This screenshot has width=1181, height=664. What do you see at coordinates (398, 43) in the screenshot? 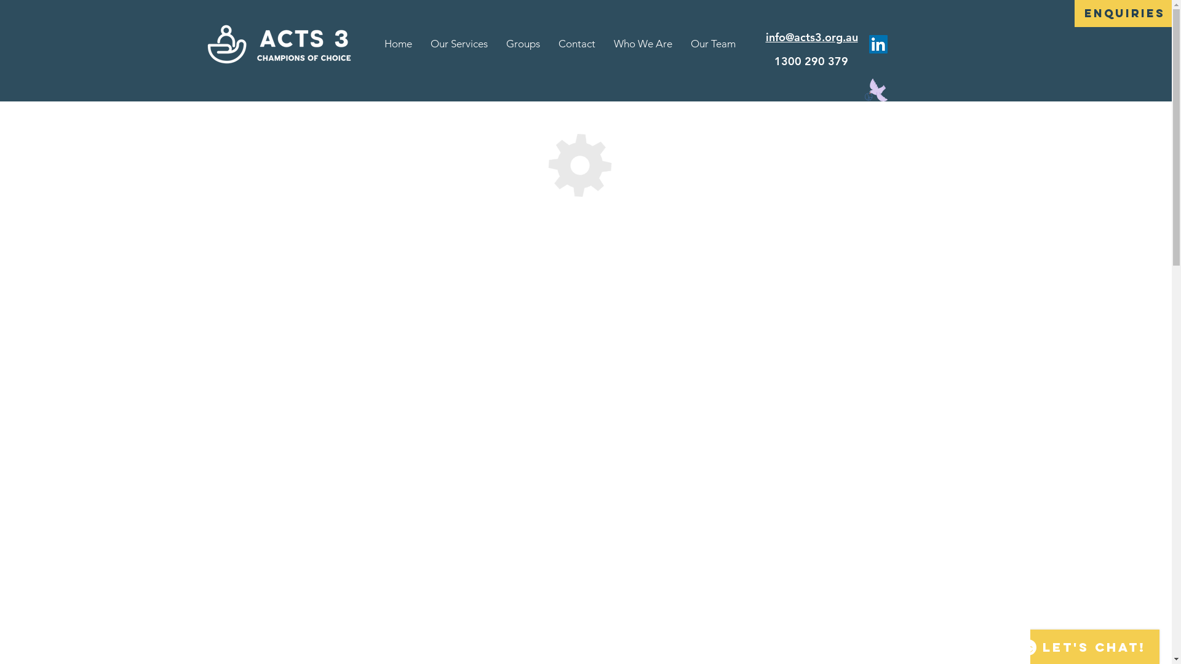
I see `'Home'` at bounding box center [398, 43].